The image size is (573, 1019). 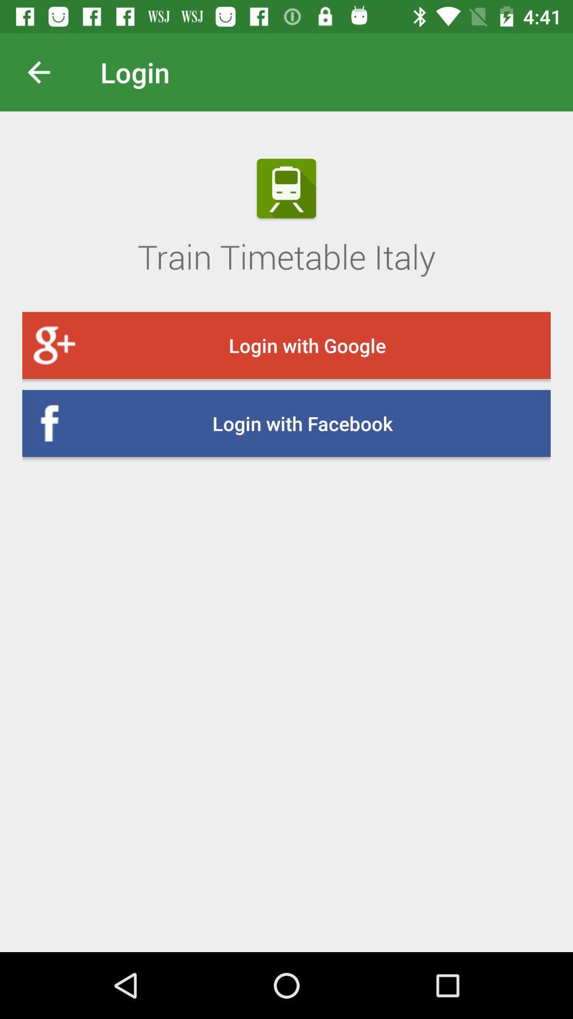 What do you see at coordinates (47, 72) in the screenshot?
I see `app next to the login` at bounding box center [47, 72].